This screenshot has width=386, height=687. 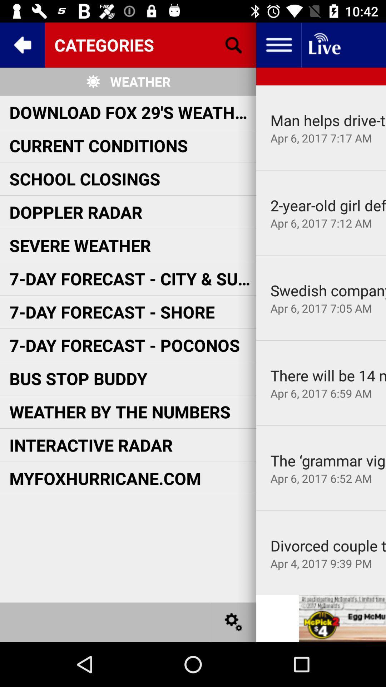 I want to click on item above the doppler radar, so click(x=84, y=179).